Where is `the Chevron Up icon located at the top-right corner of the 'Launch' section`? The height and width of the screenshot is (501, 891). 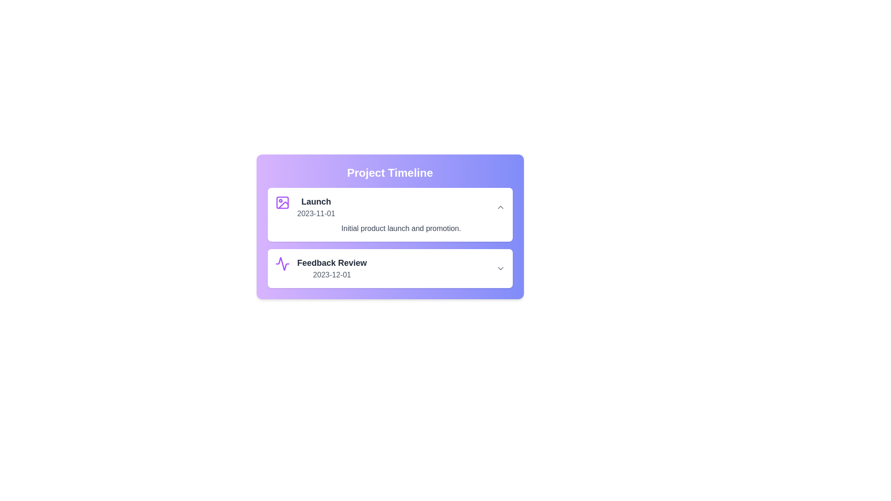 the Chevron Up icon located at the top-right corner of the 'Launch' section is located at coordinates (500, 207).